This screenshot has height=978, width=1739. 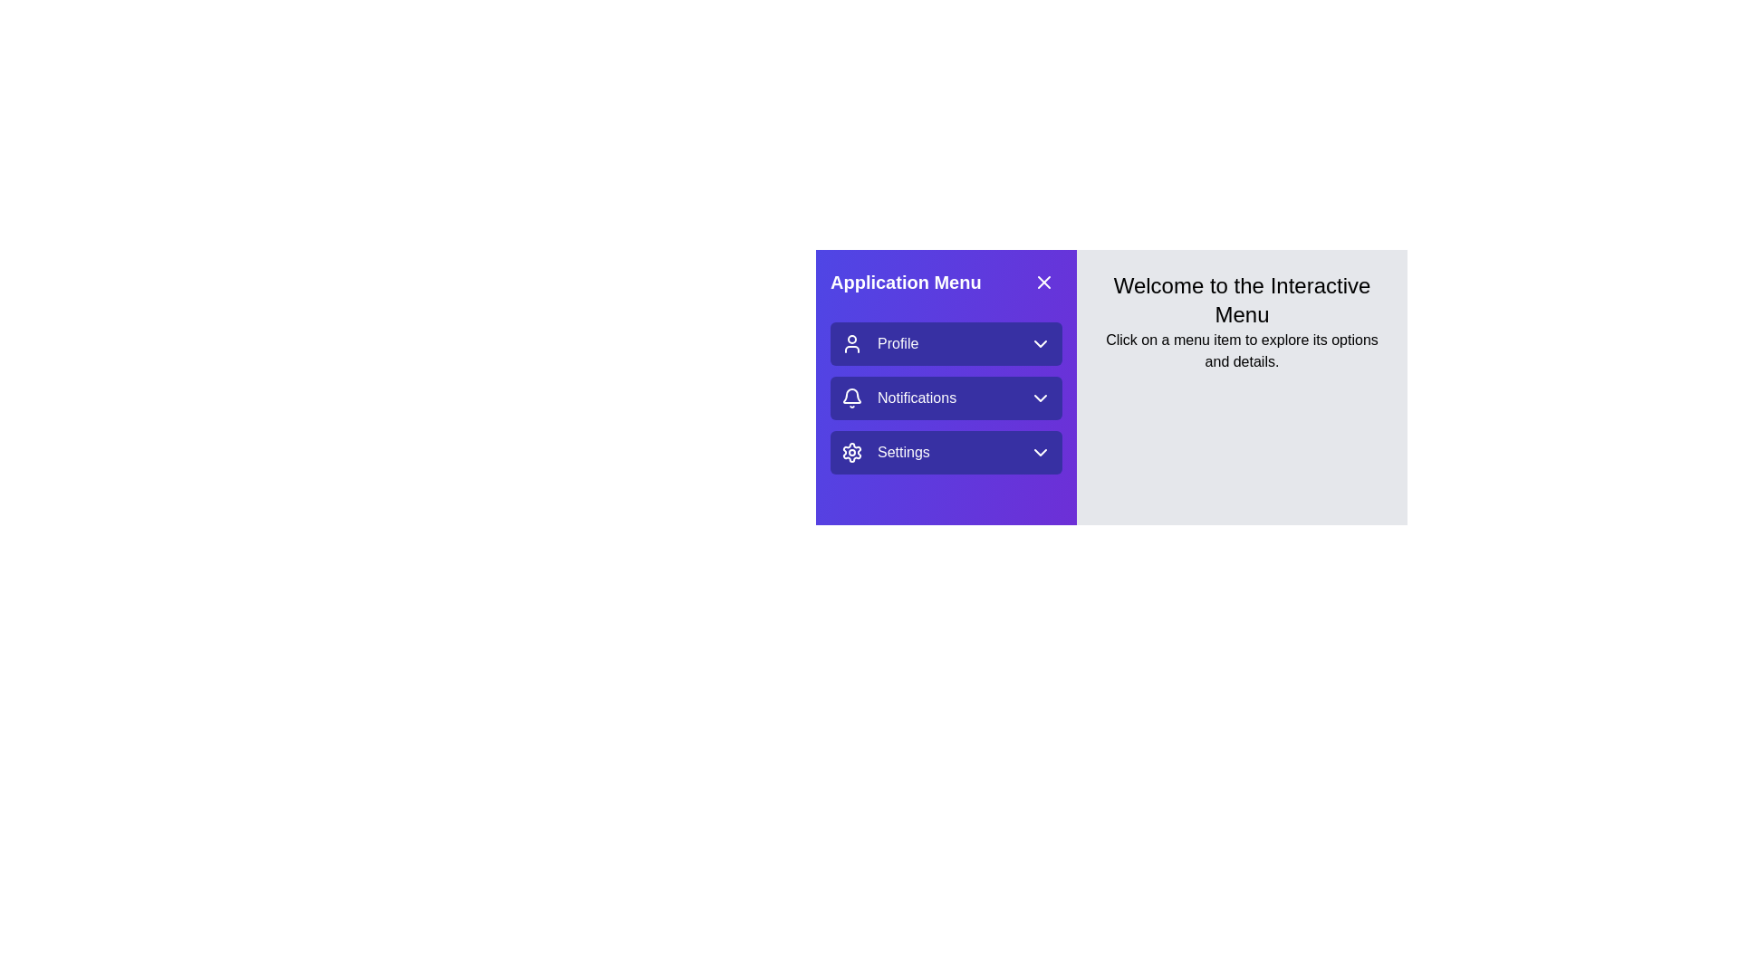 I want to click on the Dropdown Indicator Icon (Chevron) located at the rightmost position of the 'Settings' section in the 'Application Menu', so click(x=1040, y=452).